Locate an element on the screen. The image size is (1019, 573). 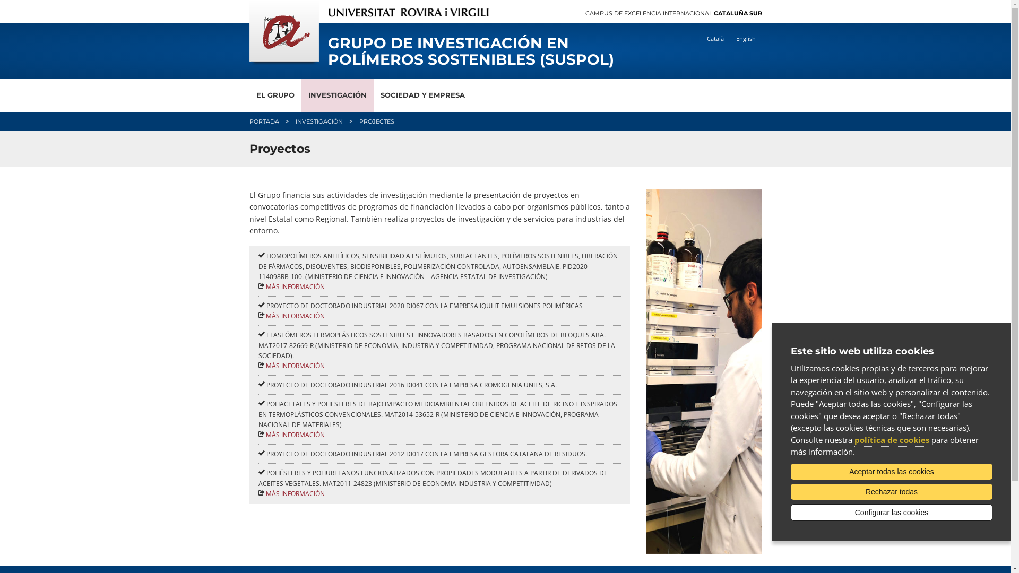
'Rechazar todas' is located at coordinates (892, 491).